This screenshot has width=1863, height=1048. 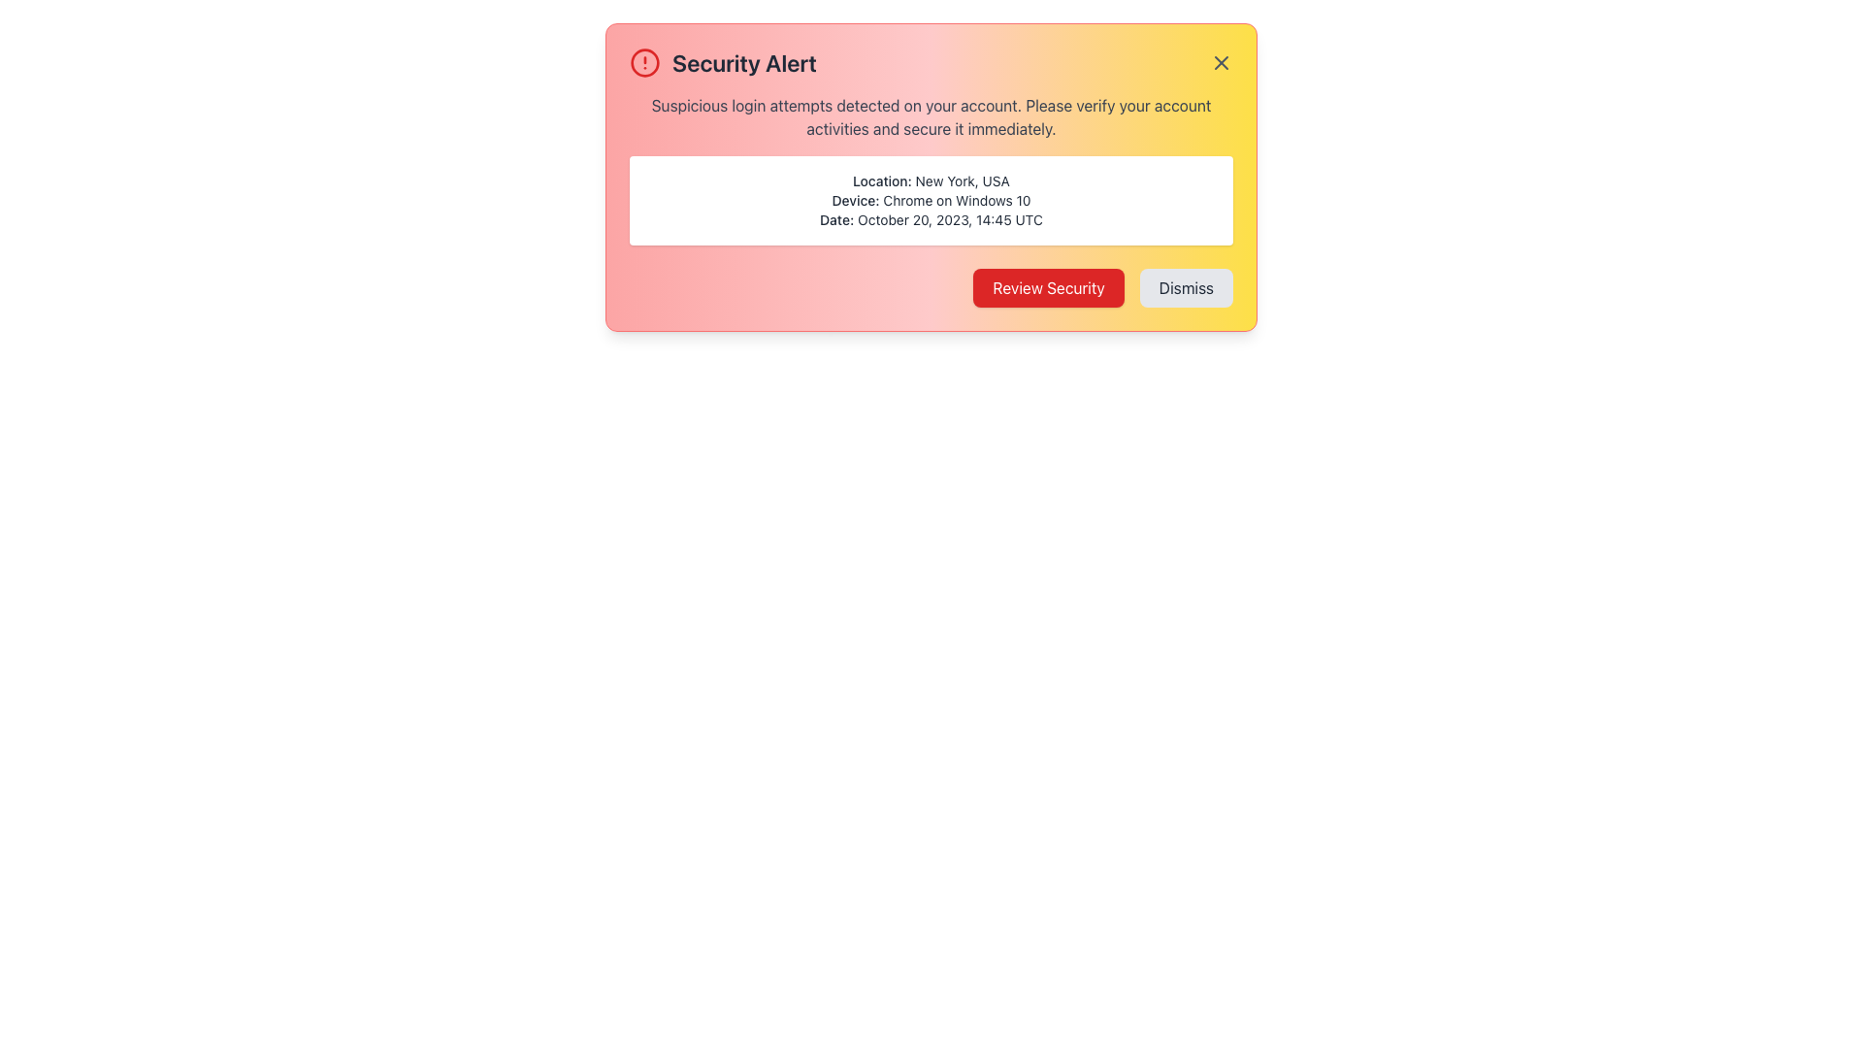 I want to click on the Text Label that serves as a semantic identifier for the date and time information in the security alert box, located at the center-left portion of the white background region, so click(x=836, y=218).